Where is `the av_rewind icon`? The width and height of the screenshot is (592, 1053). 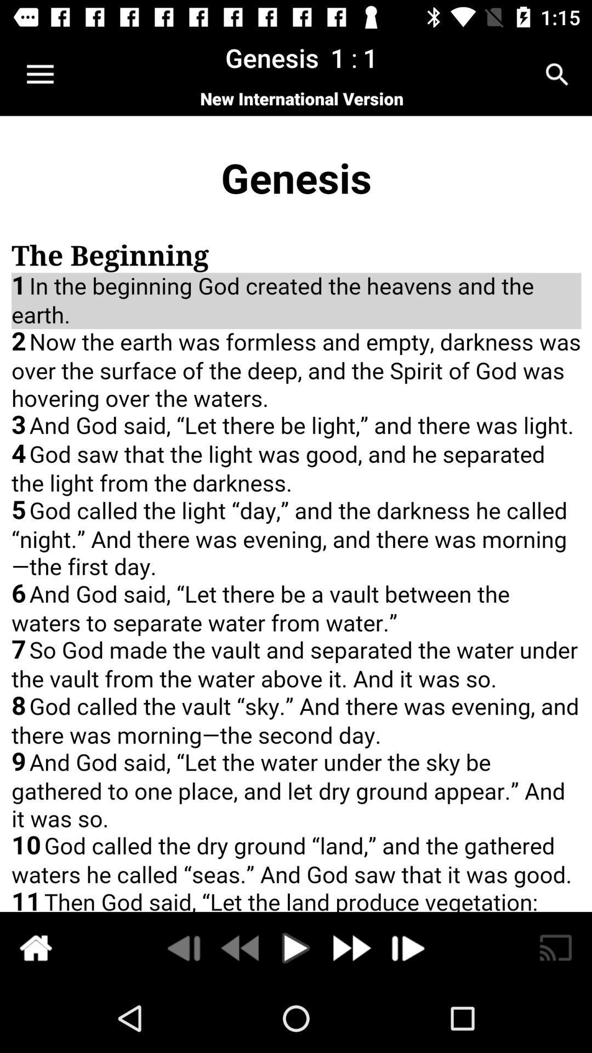
the av_rewind icon is located at coordinates (241, 947).